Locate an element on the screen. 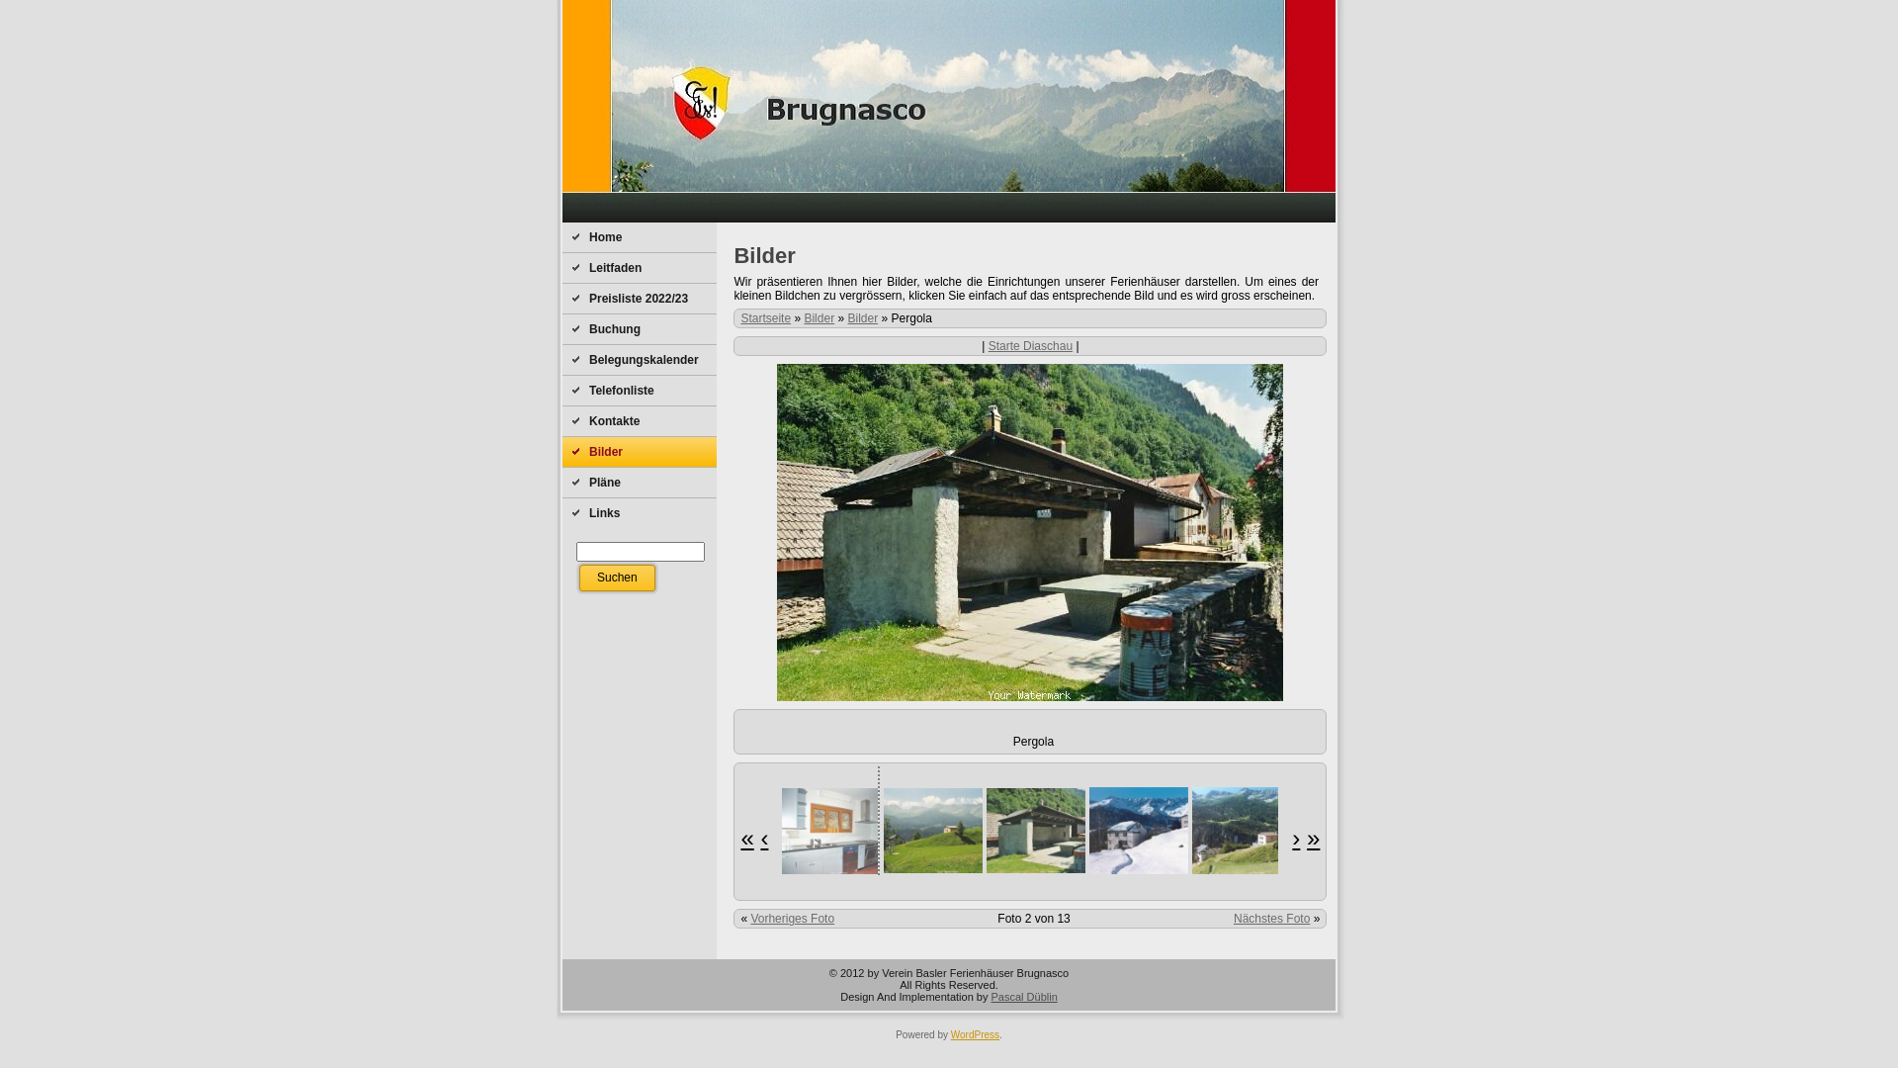  'Suchen' is located at coordinates (616, 578).